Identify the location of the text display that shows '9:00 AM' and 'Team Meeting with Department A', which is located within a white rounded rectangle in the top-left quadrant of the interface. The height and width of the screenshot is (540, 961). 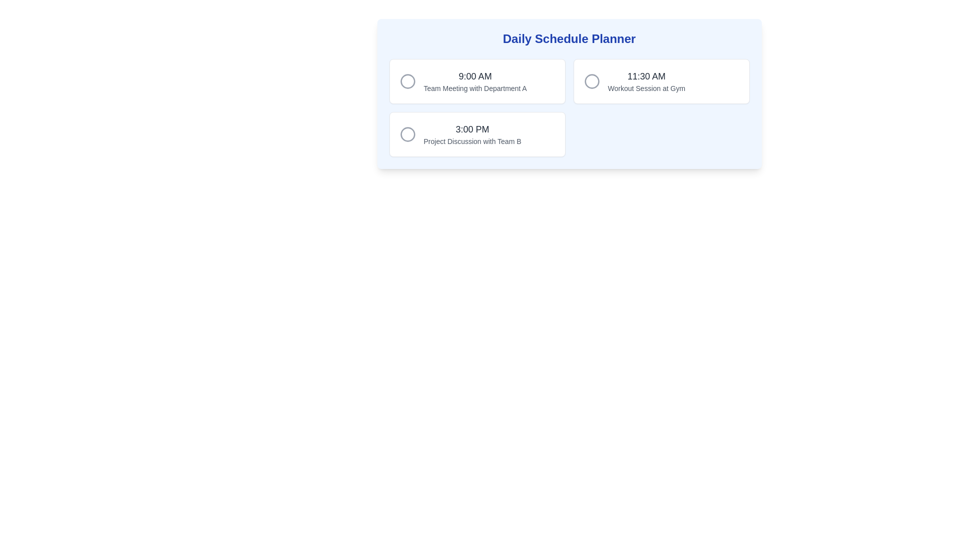
(474, 80).